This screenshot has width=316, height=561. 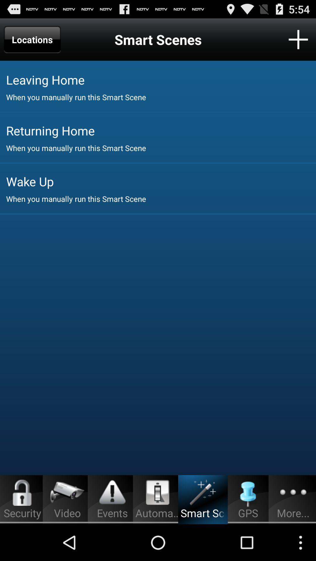 I want to click on wake up icon, so click(x=161, y=181).